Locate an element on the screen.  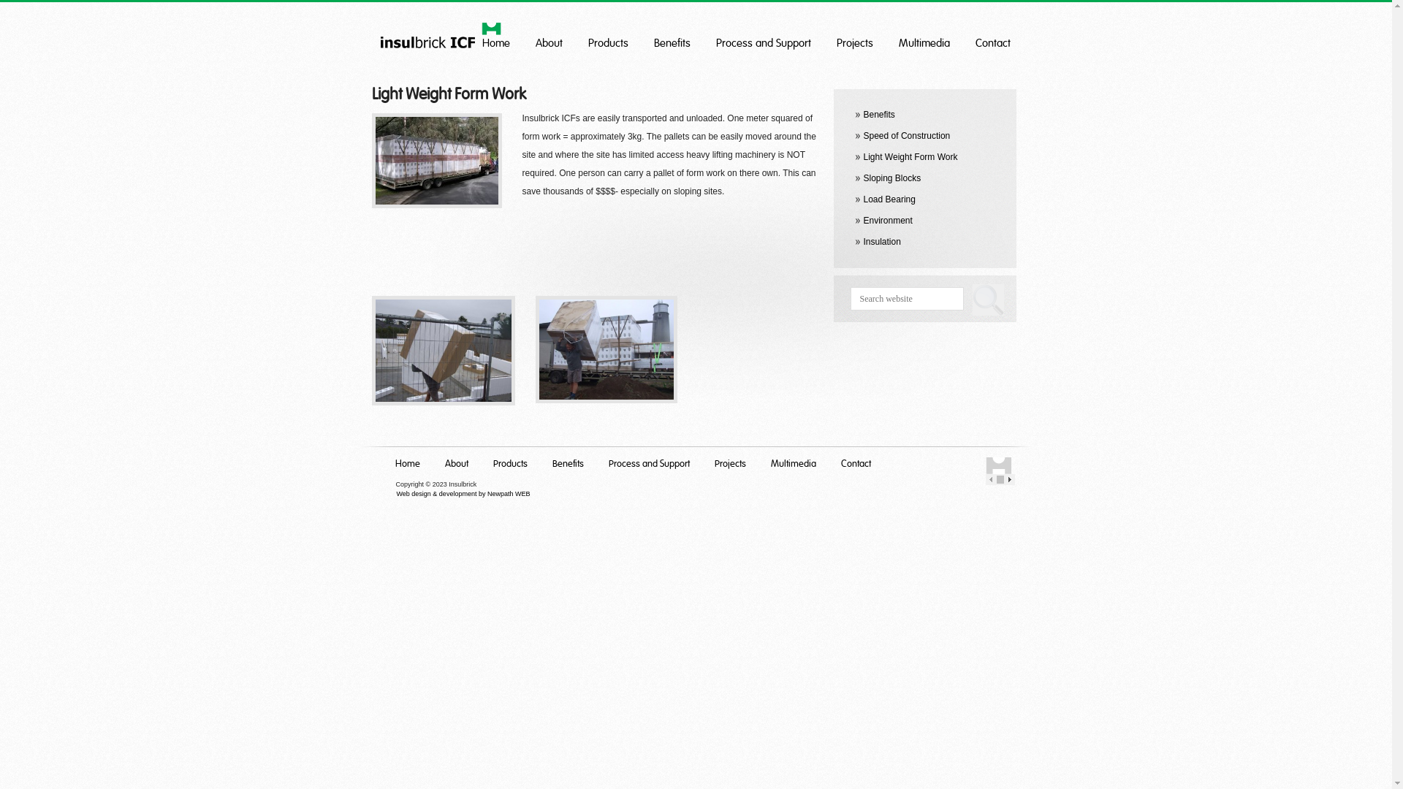
'Insulation' is located at coordinates (881, 241).